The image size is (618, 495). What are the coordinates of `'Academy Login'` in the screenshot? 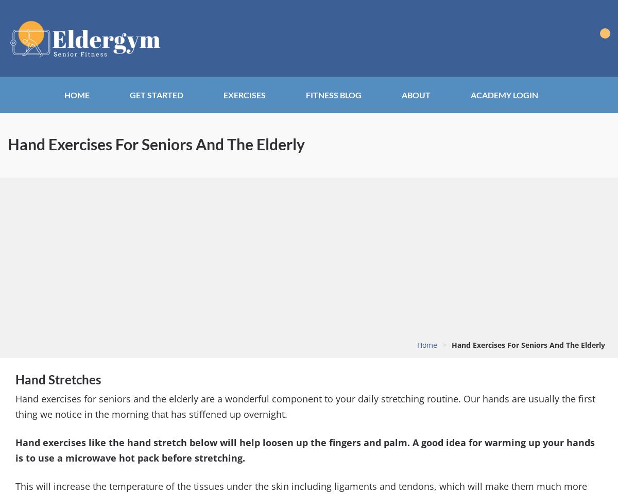 It's located at (504, 95).